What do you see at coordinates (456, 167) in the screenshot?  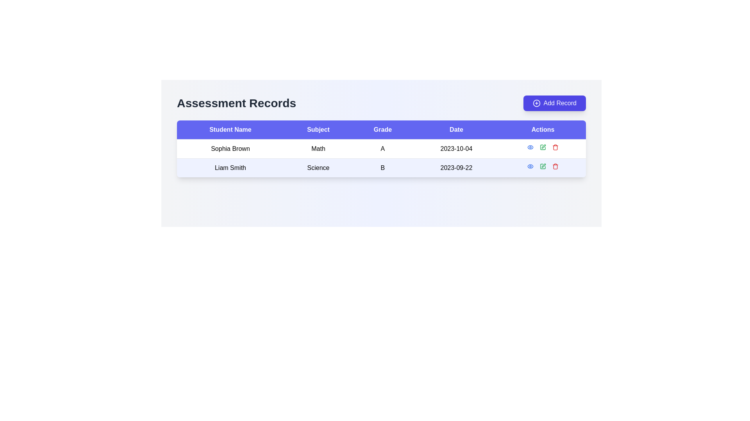 I see `the date displayed` at bounding box center [456, 167].